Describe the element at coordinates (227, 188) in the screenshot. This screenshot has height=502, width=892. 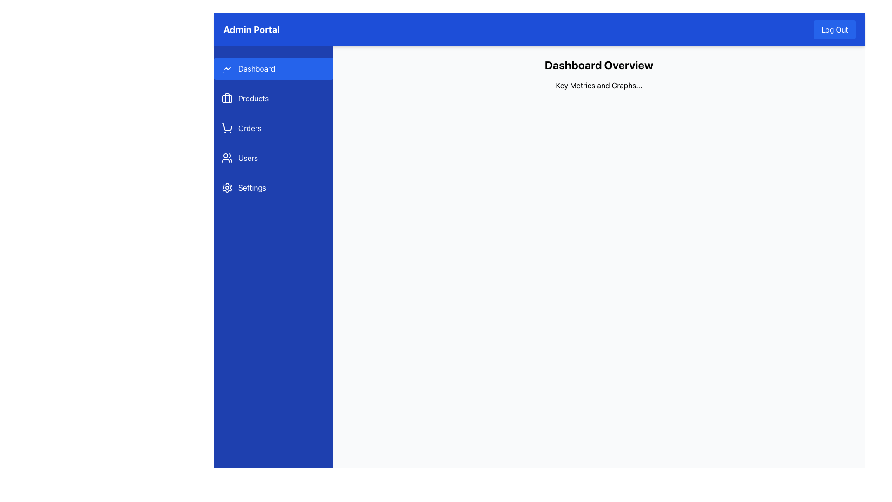
I see `the gear-shaped icon located in the 'Settings' menu item, positioned to the left of the 'Settings' text` at that location.